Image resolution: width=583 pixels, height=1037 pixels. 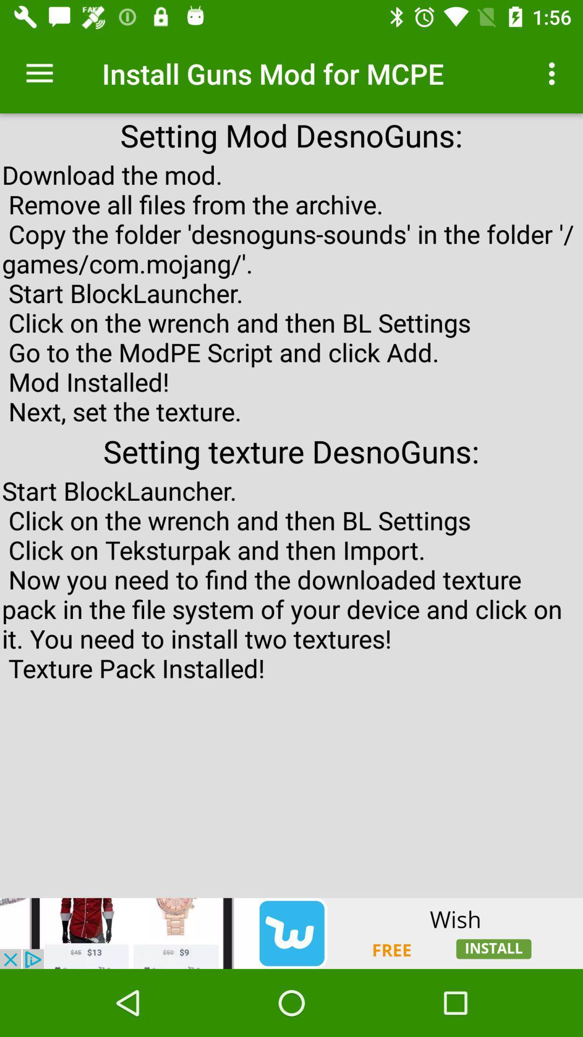 What do you see at coordinates (291, 933) in the screenshot?
I see `advertisement banner` at bounding box center [291, 933].